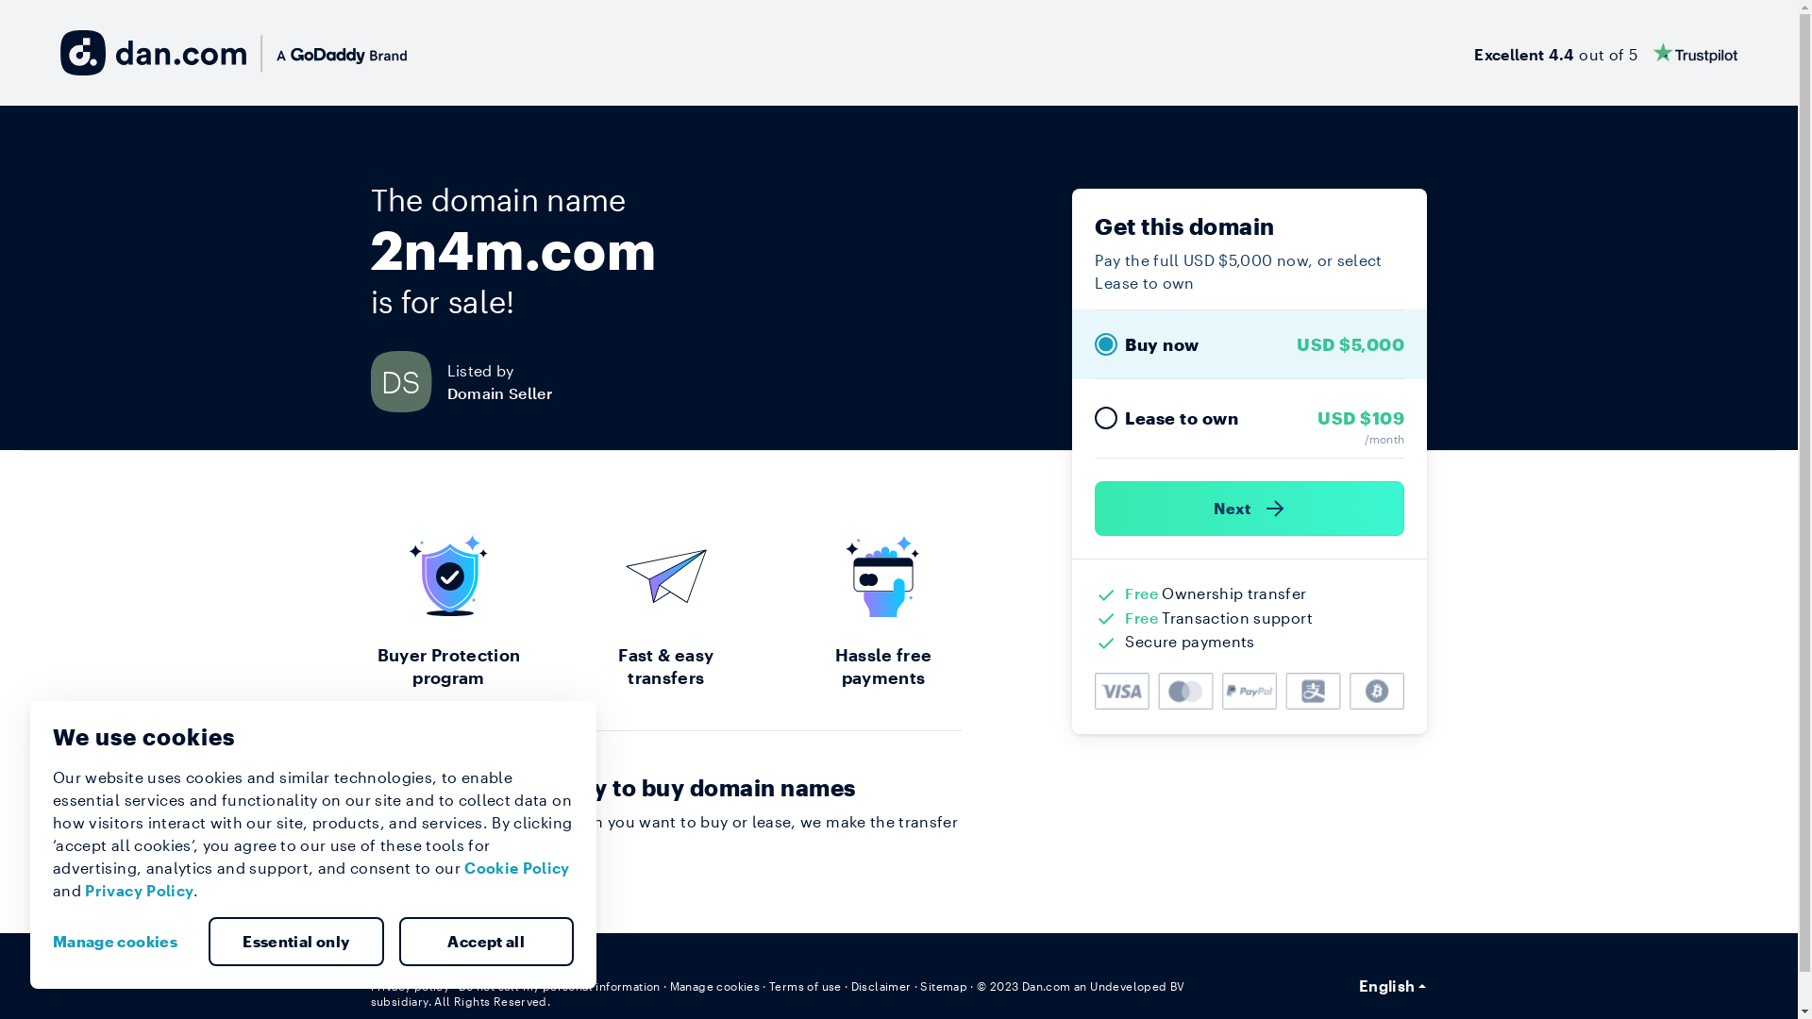  Describe the element at coordinates (1095, 508) in the screenshot. I see `'Next` at that location.